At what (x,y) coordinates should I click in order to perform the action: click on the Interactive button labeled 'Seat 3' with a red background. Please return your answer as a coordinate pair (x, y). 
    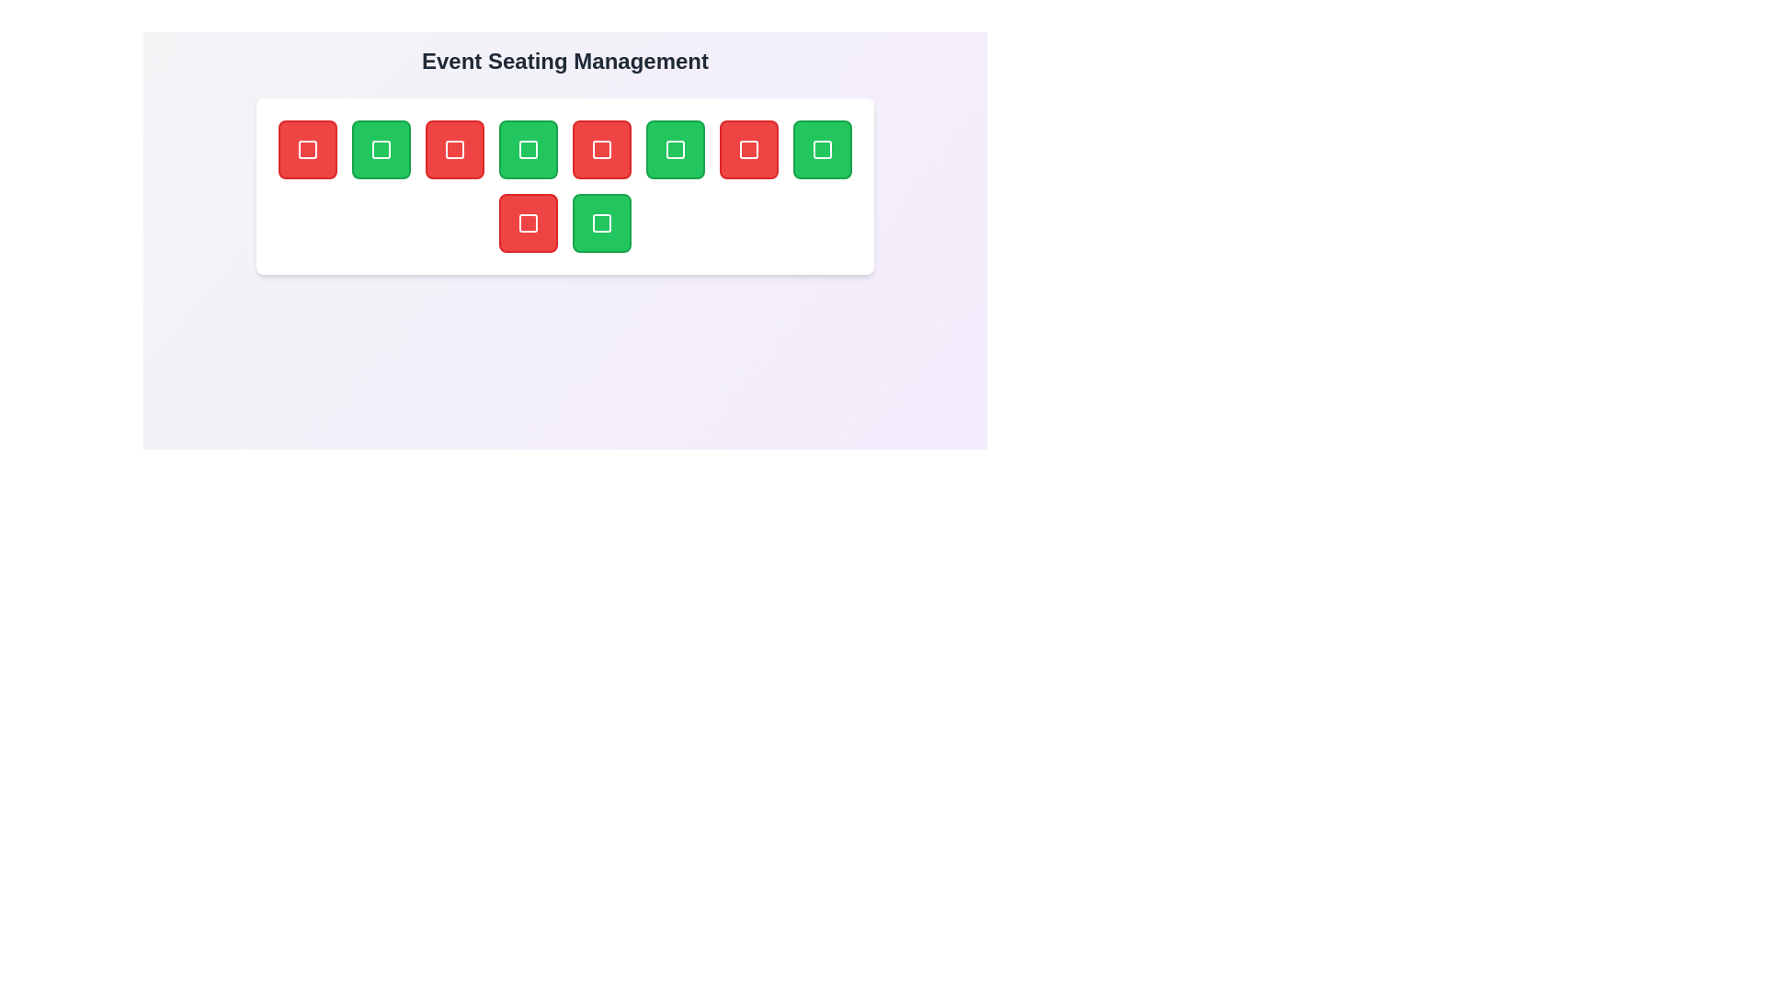
    Looking at the image, I should click on (454, 148).